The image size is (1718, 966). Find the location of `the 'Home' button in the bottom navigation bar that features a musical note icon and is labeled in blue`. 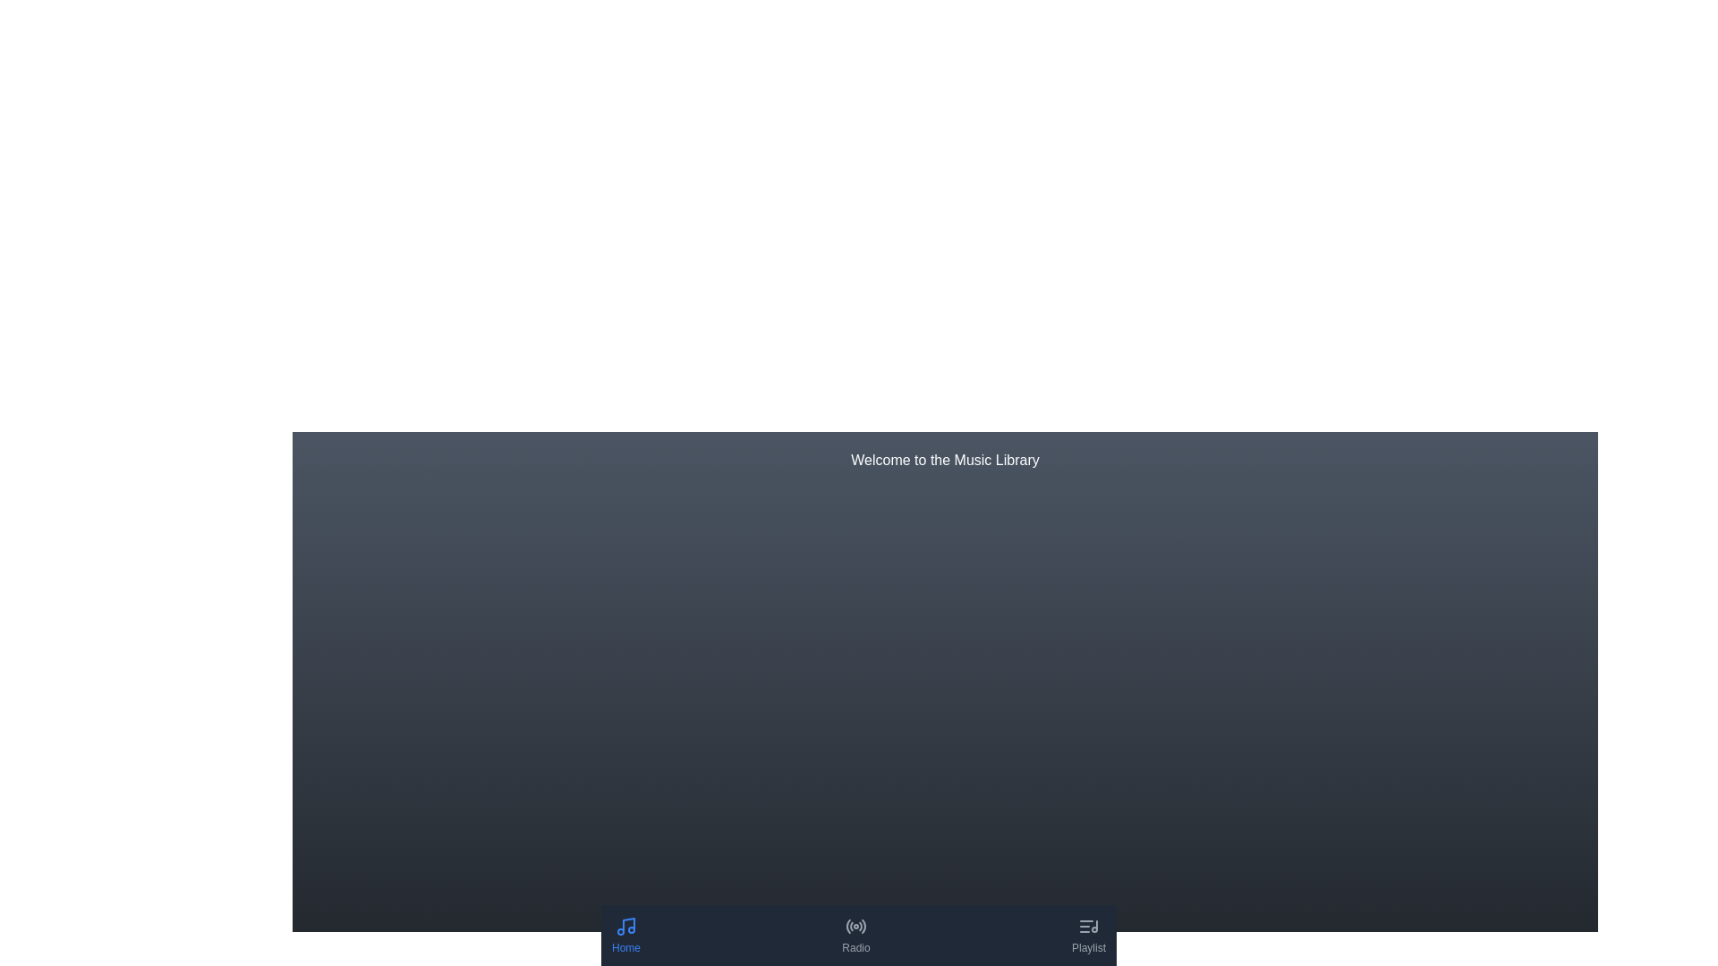

the 'Home' button in the bottom navigation bar that features a musical note icon and is labeled in blue is located at coordinates (626, 934).